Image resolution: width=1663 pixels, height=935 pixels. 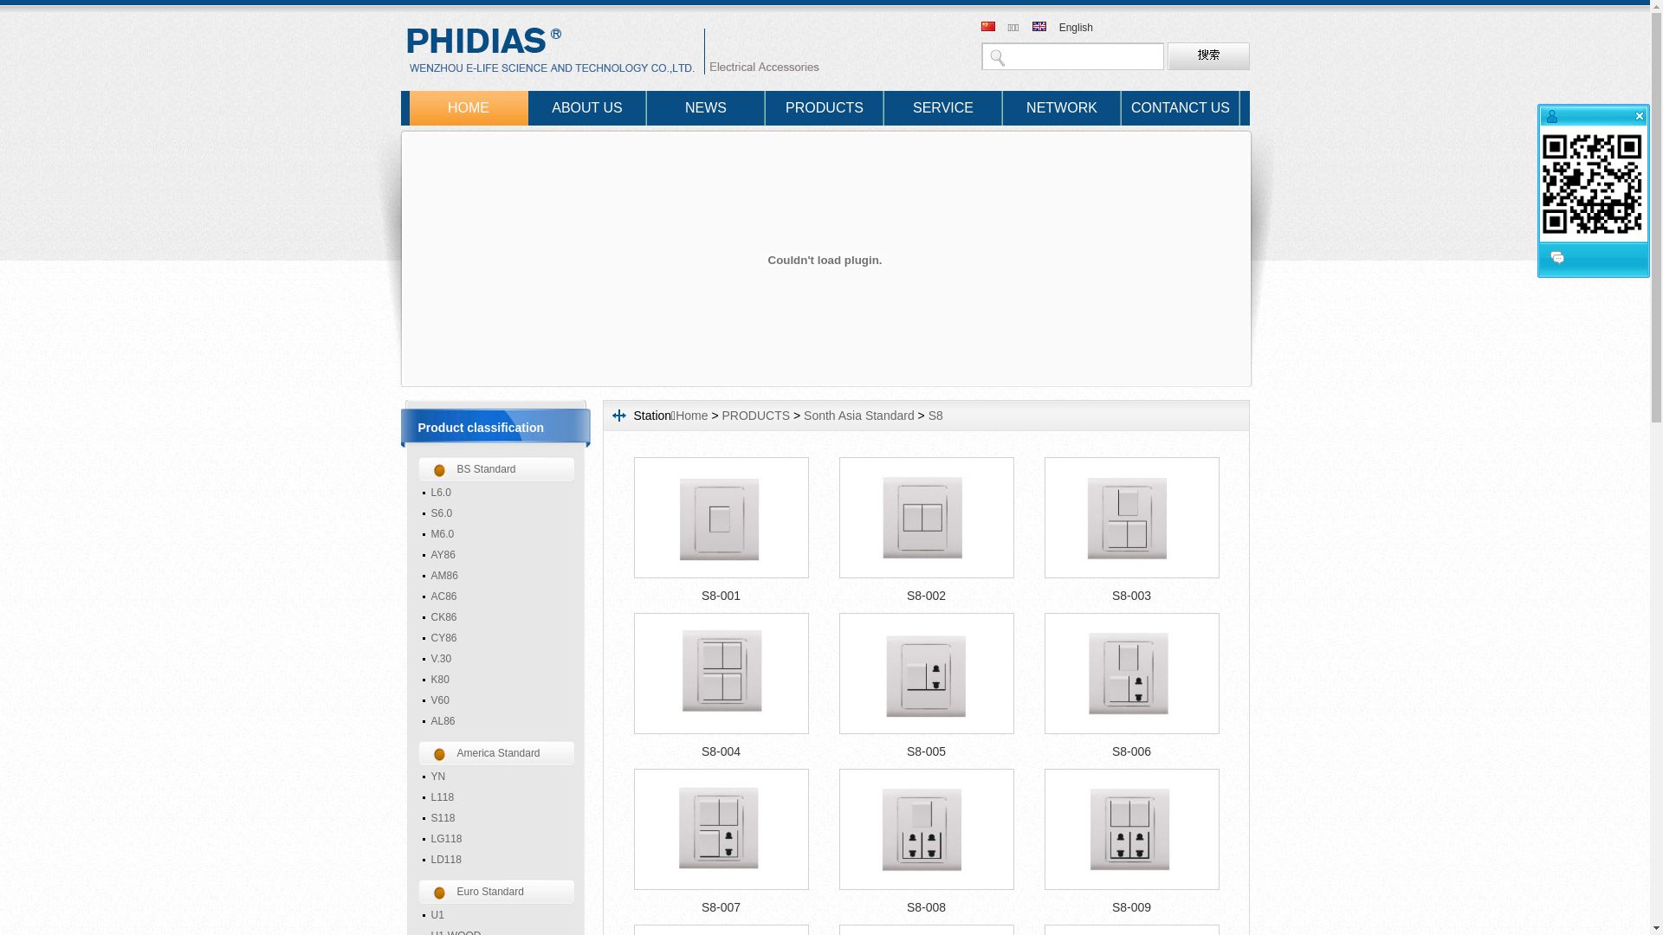 What do you see at coordinates (398, 554) in the screenshot?
I see `'AY86'` at bounding box center [398, 554].